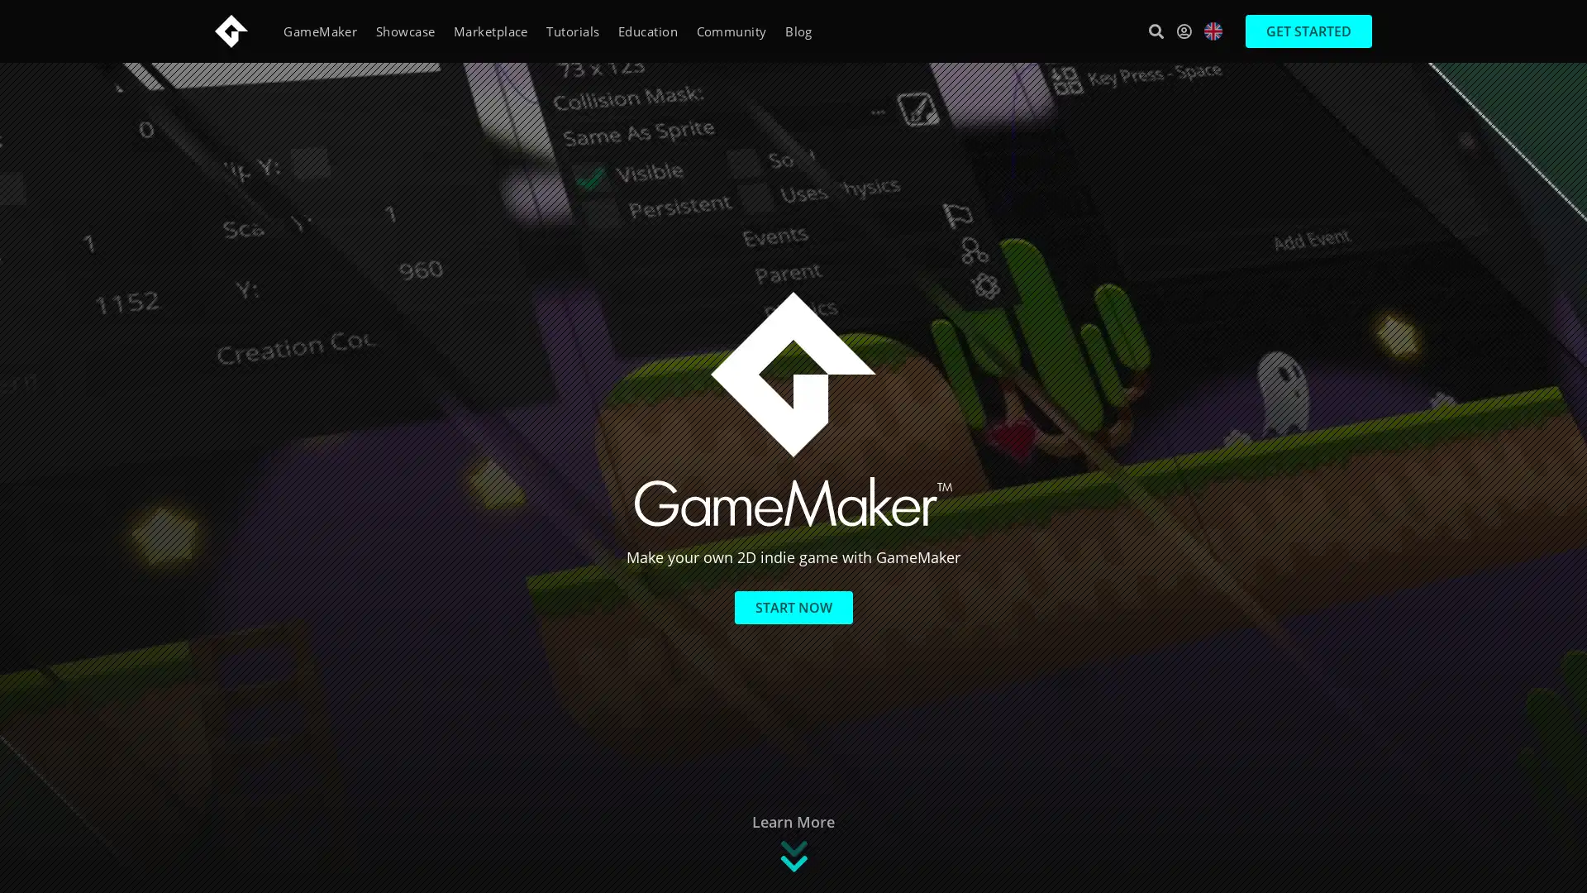 The width and height of the screenshot is (1587, 893). I want to click on Language, so click(1213, 31).